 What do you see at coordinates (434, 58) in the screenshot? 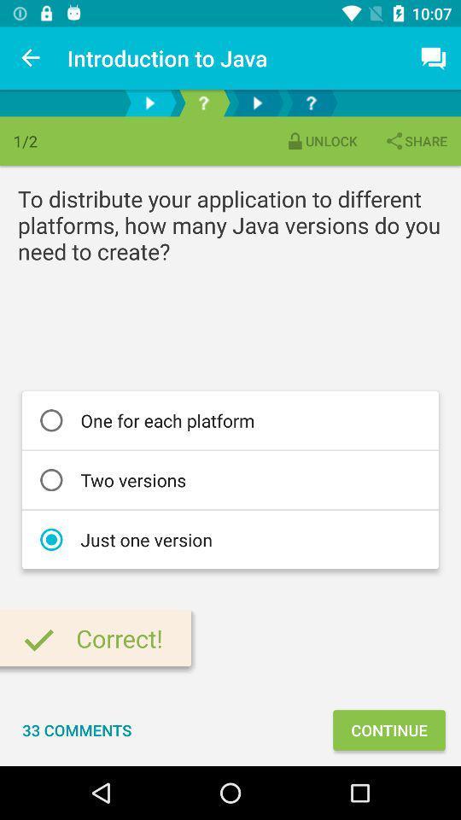
I see `the item above share item` at bounding box center [434, 58].